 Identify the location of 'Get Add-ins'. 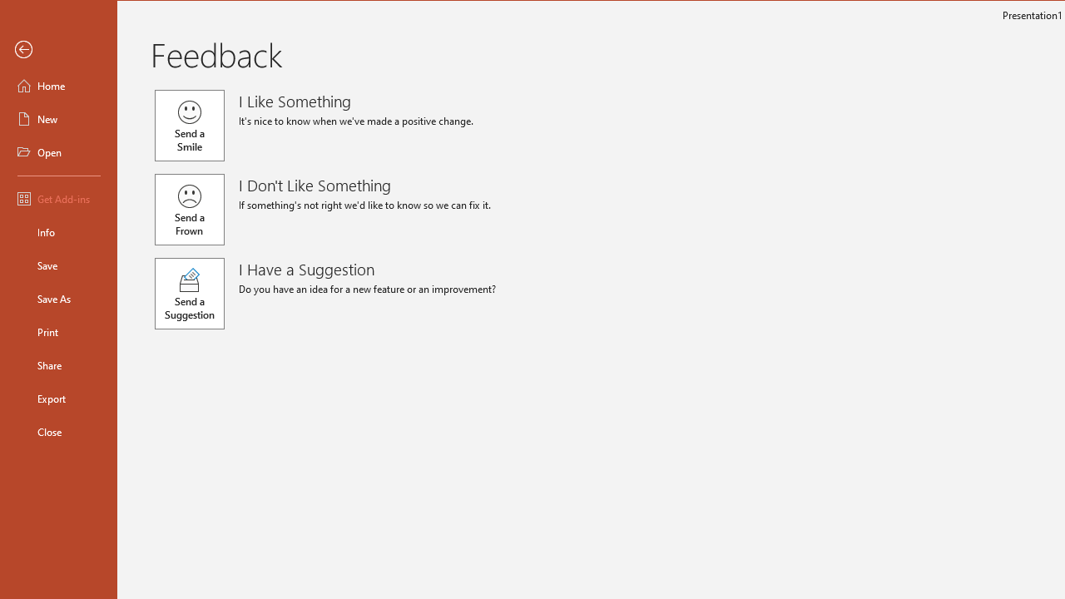
(59, 198).